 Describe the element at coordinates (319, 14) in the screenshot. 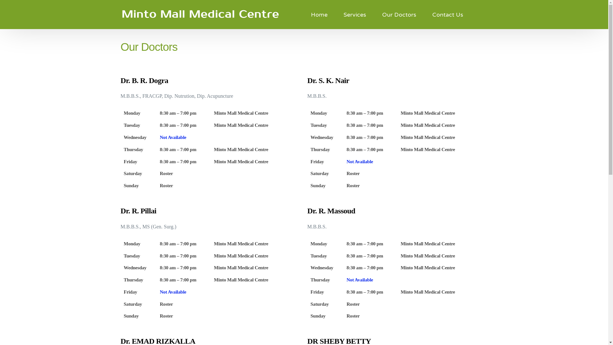

I see `'Home'` at that location.